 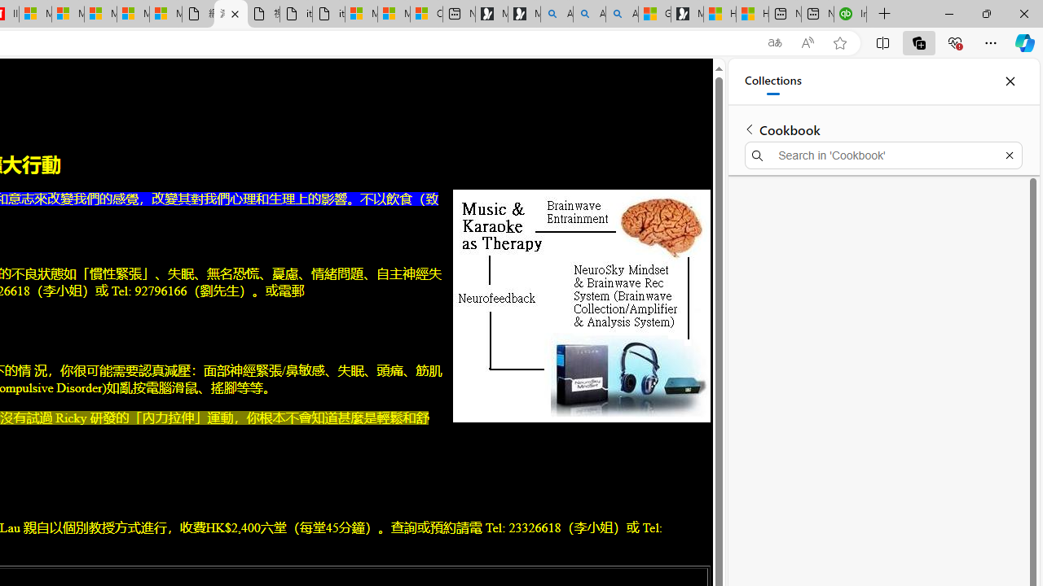 What do you see at coordinates (557, 14) in the screenshot?
I see `'Alabama high school quarterback dies - Search'` at bounding box center [557, 14].